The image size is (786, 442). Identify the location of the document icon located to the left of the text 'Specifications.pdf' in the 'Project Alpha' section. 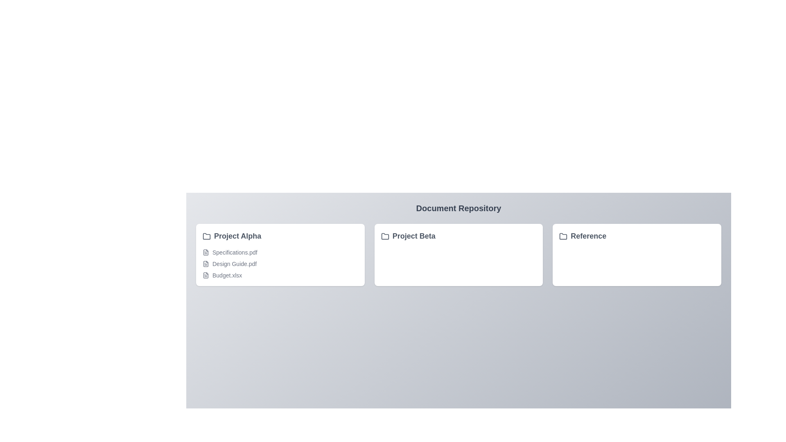
(206, 252).